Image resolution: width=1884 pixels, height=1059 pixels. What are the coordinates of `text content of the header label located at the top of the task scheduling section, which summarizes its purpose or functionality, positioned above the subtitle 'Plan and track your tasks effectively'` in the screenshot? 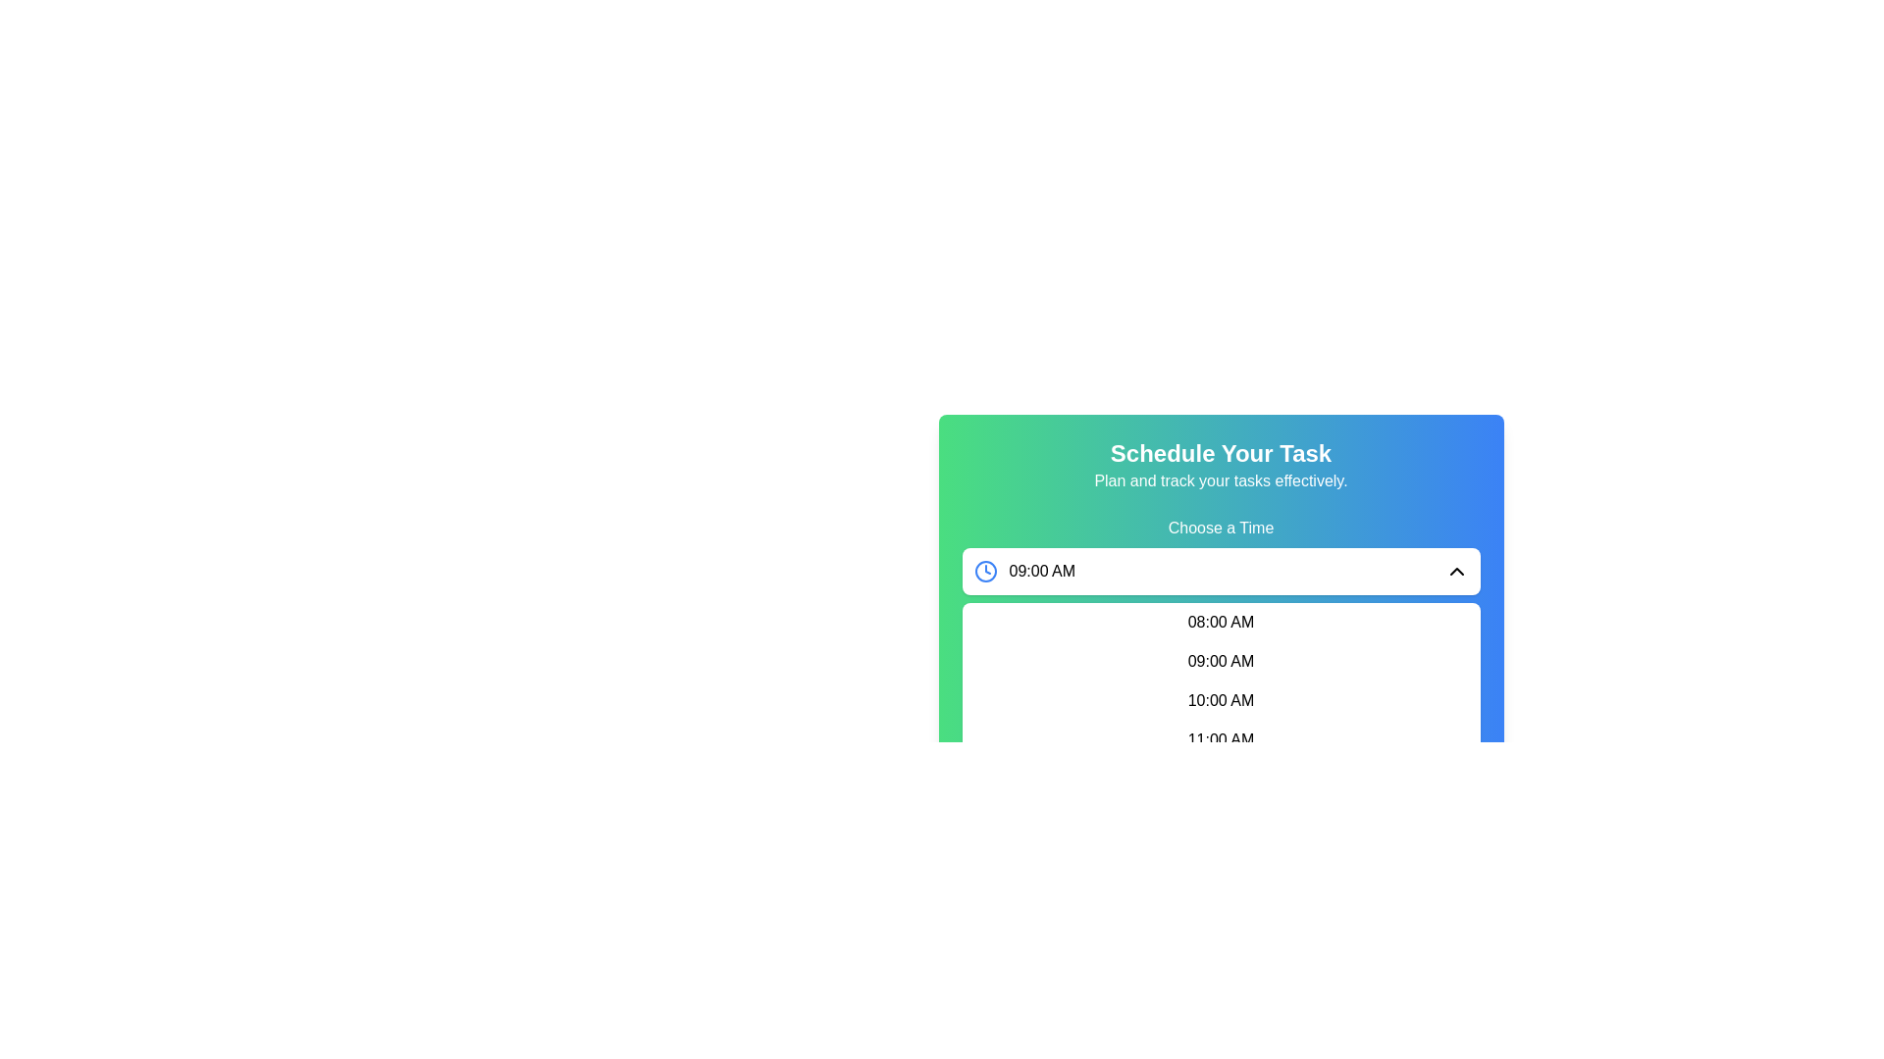 It's located at (1220, 453).